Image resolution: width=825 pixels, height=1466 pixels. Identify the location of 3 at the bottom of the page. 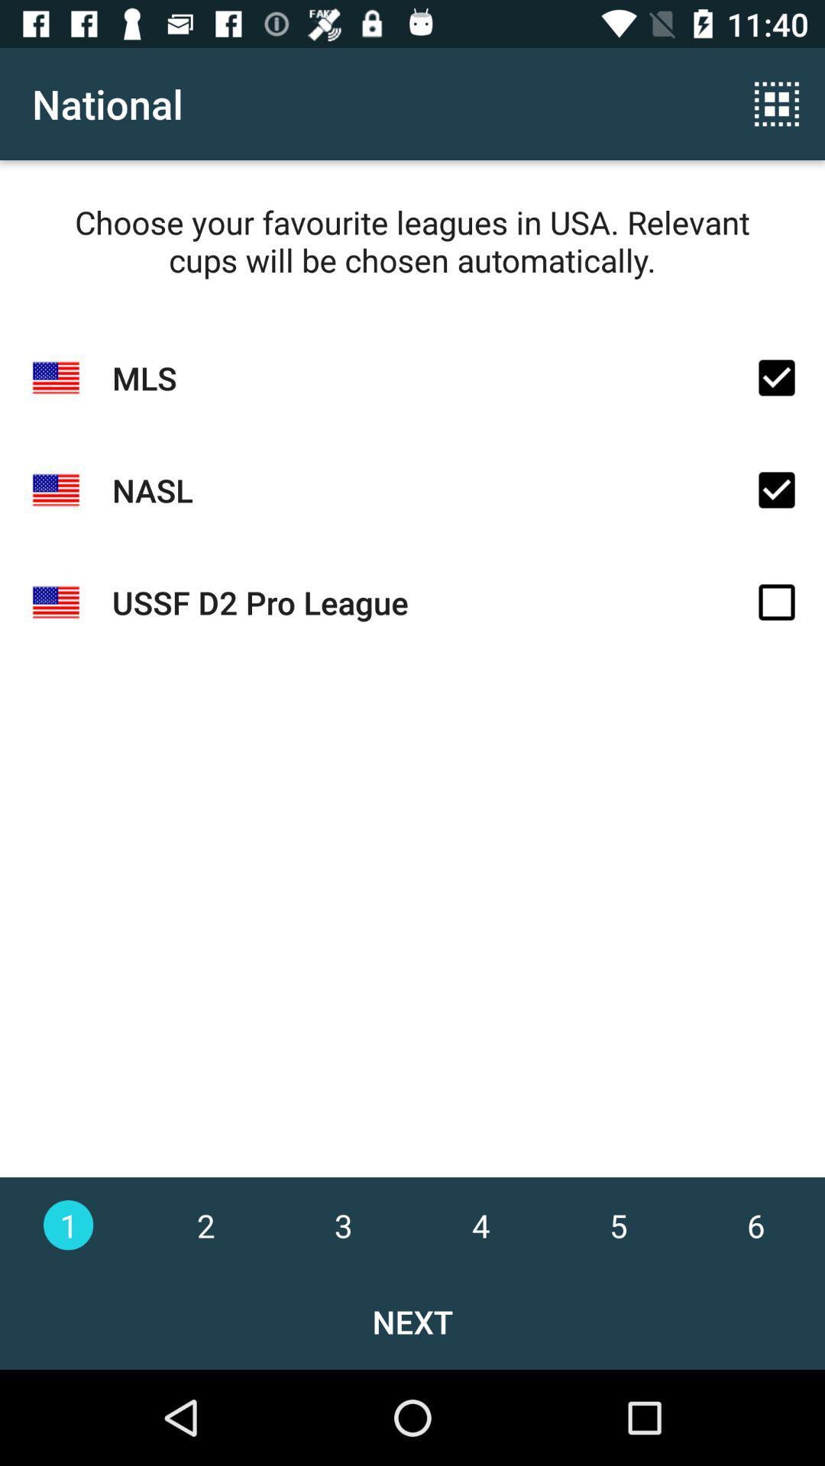
(344, 1225).